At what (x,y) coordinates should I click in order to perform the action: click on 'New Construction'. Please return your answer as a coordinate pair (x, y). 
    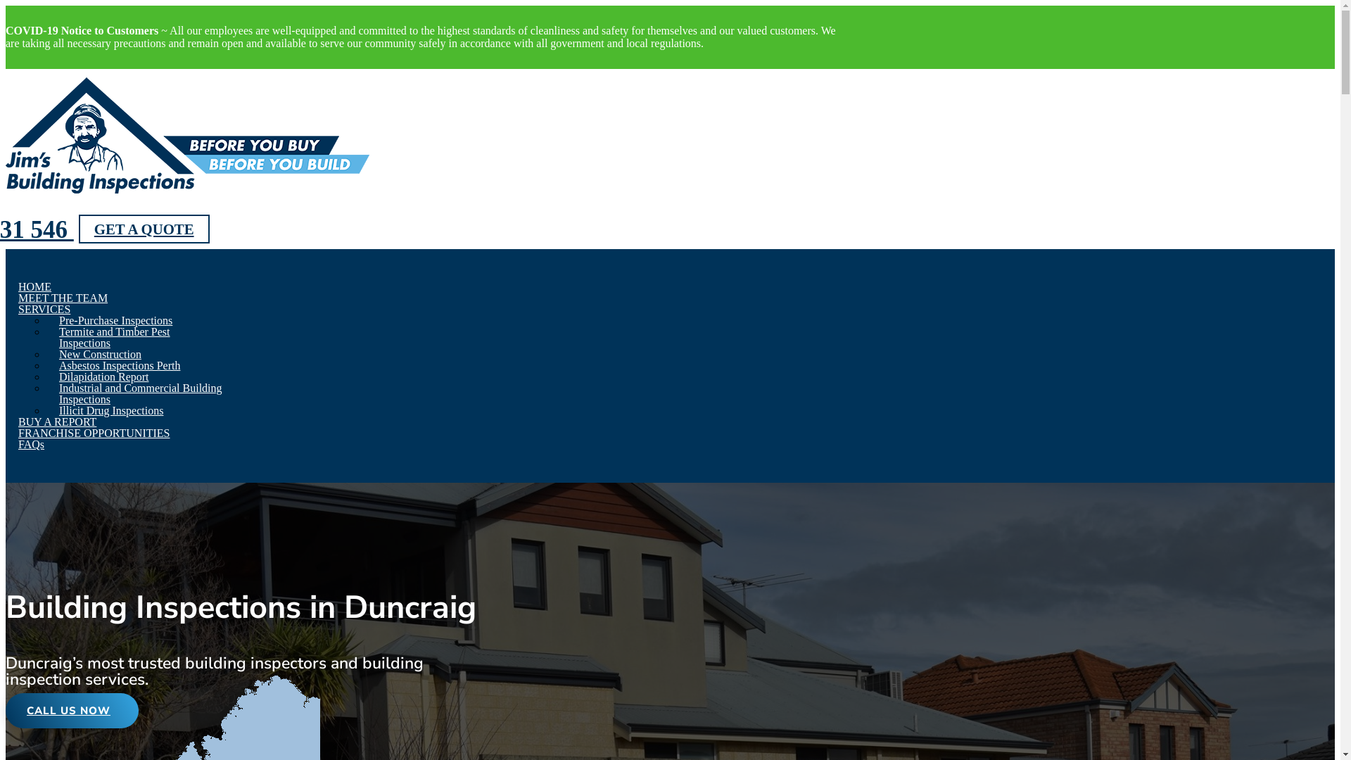
    Looking at the image, I should click on (99, 353).